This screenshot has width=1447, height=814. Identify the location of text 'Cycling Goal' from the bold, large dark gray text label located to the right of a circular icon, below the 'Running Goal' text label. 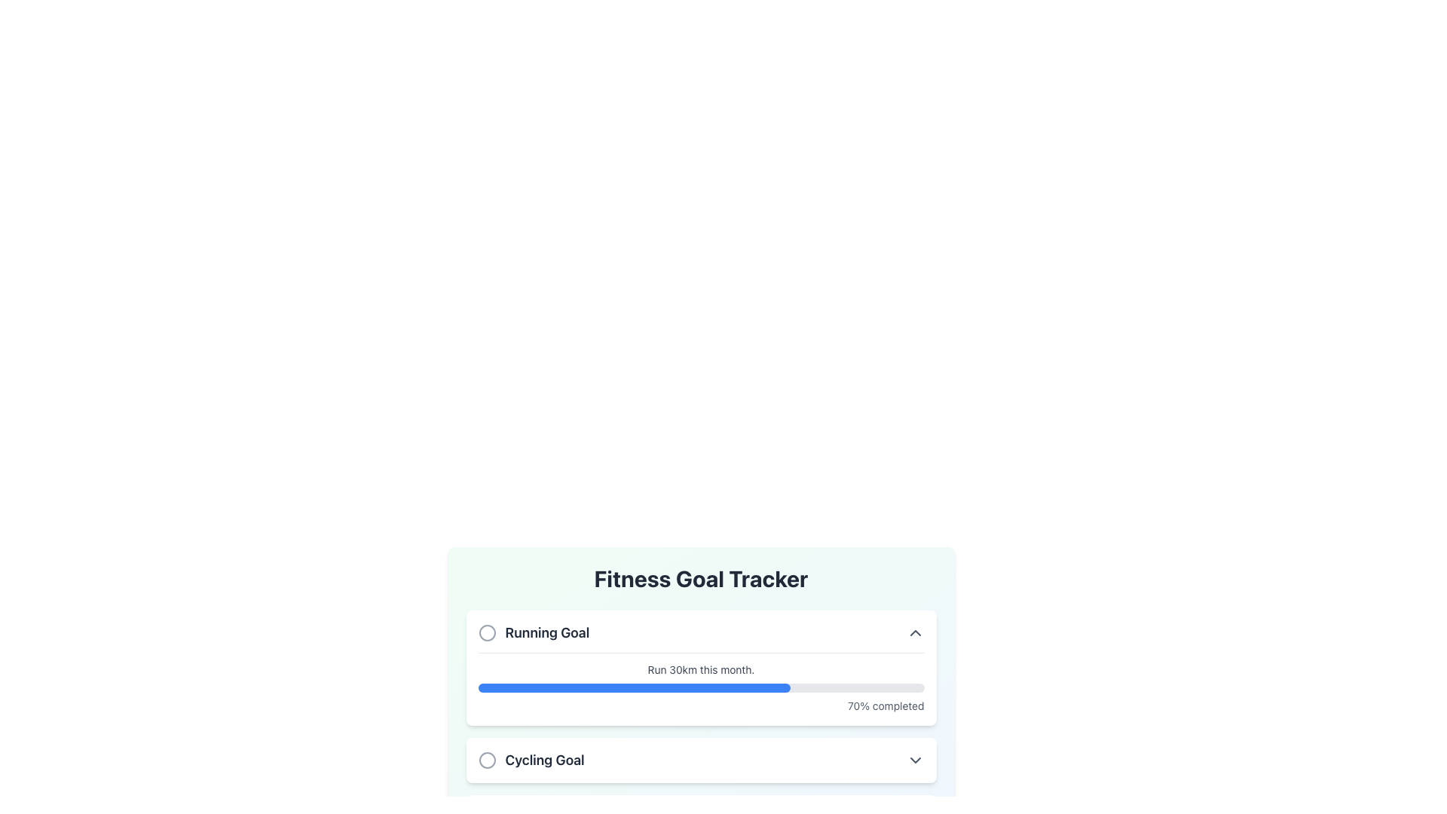
(544, 760).